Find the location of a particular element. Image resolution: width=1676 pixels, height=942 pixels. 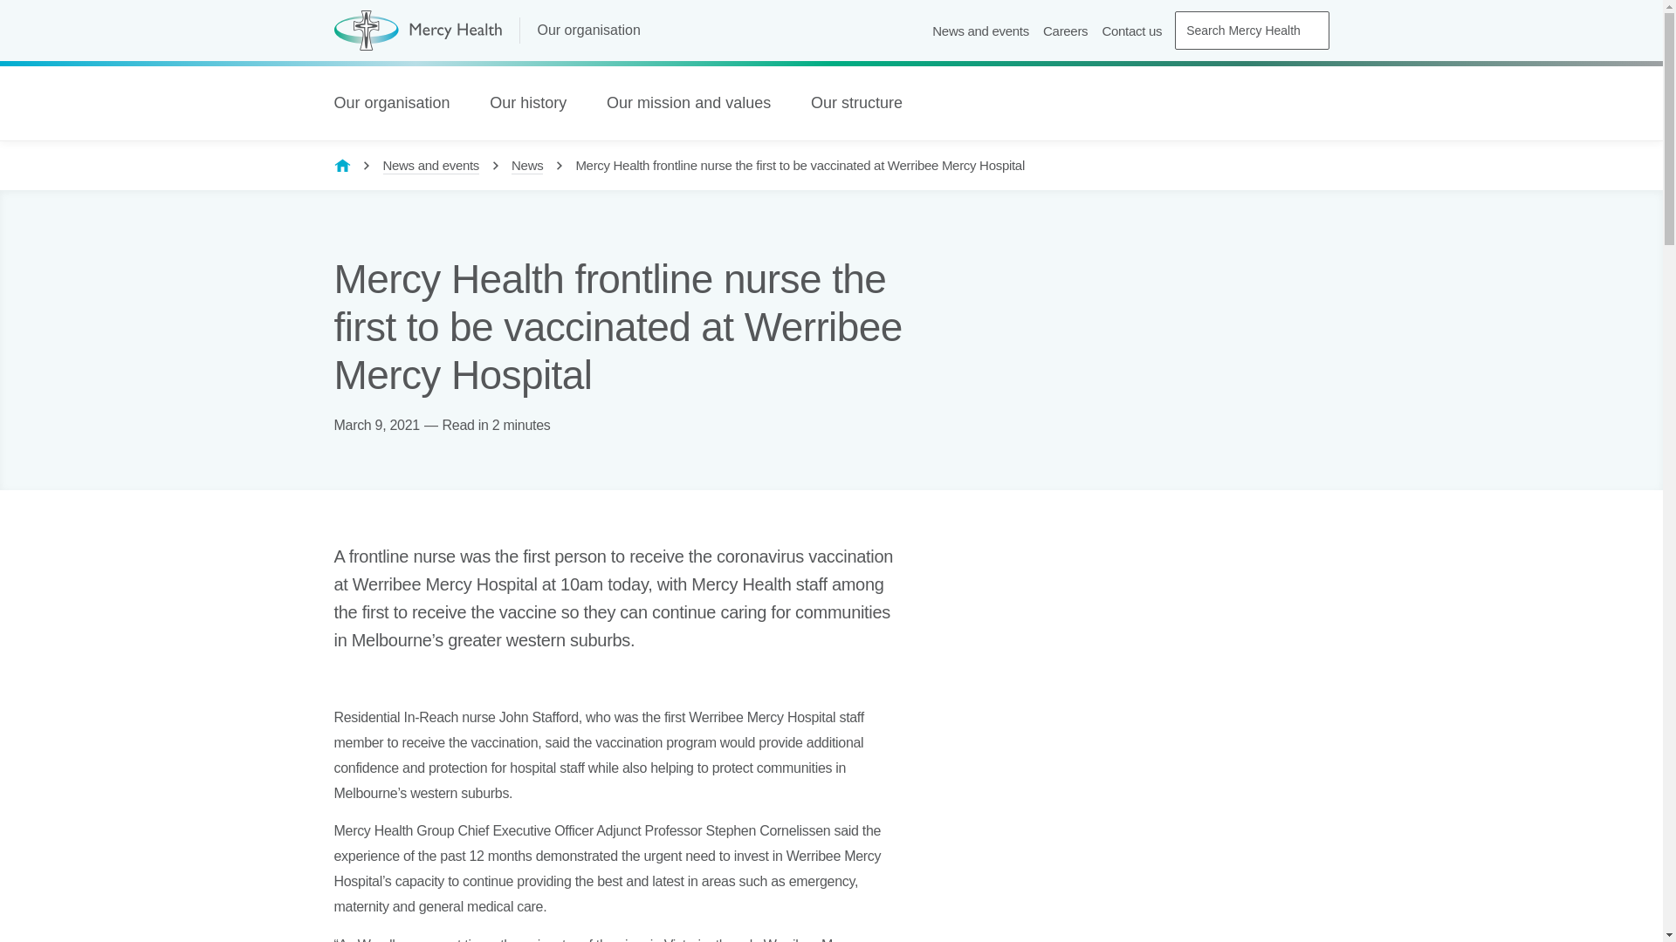

'News' is located at coordinates (526, 166).